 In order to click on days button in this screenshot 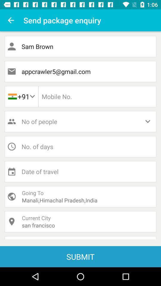, I will do `click(80, 146)`.